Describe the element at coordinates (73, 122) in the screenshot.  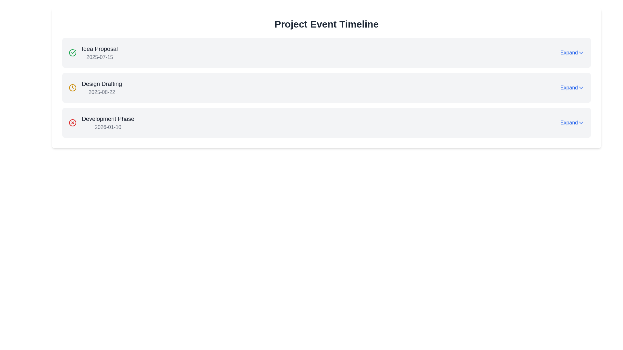
I see `the red circular icon with a white X that indicates an error, located next to the text 'Development Phase 2026-01-10' in the third row of the list` at that location.